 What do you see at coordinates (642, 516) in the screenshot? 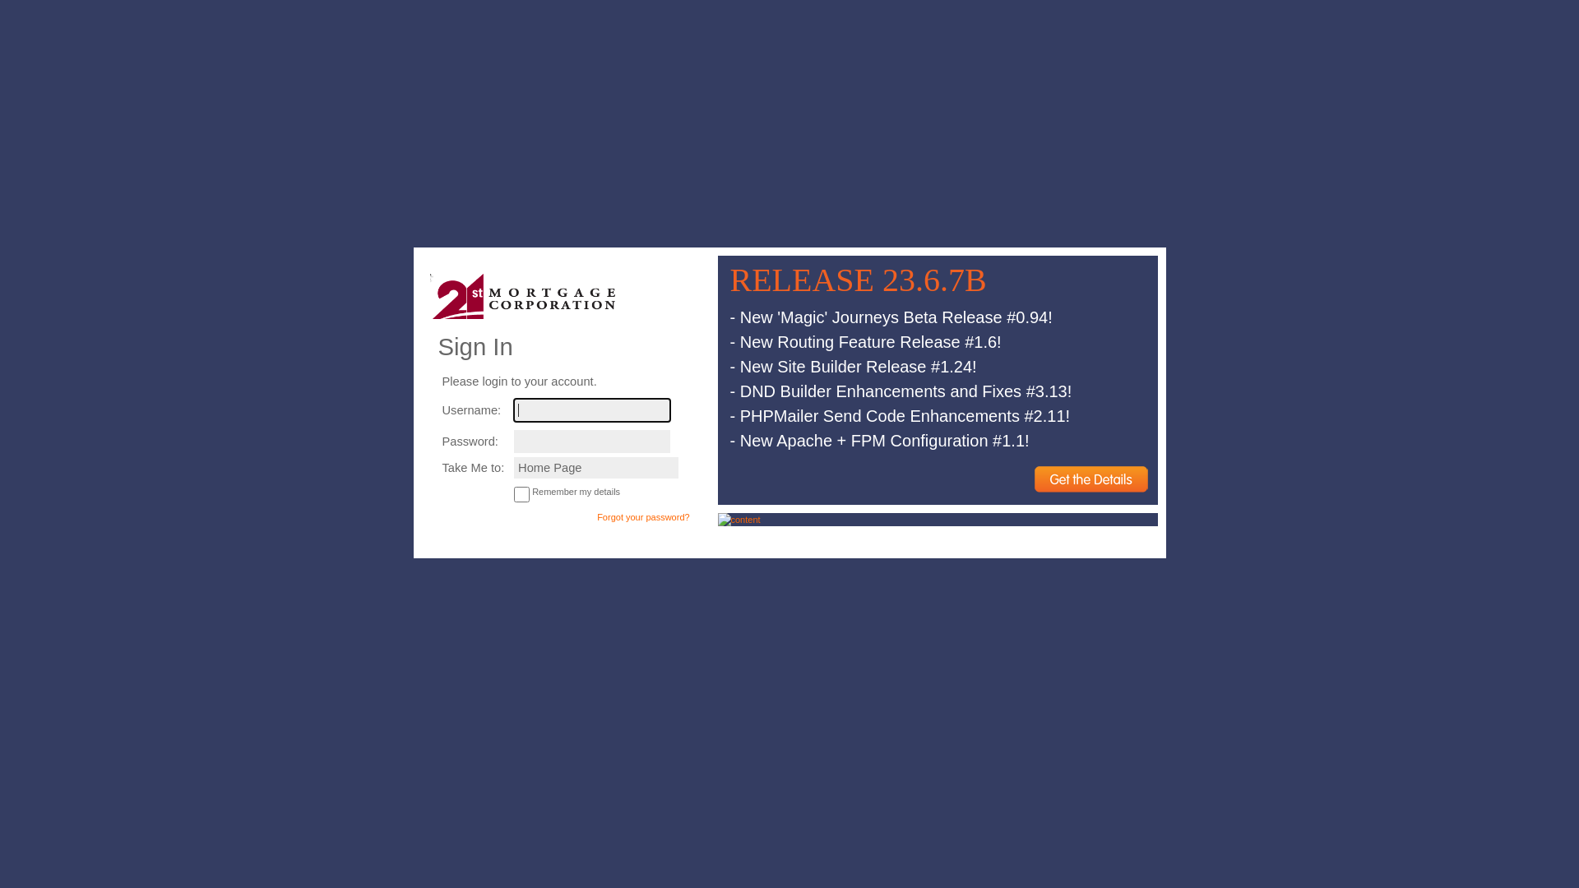
I see `'Forgot your password?'` at bounding box center [642, 516].